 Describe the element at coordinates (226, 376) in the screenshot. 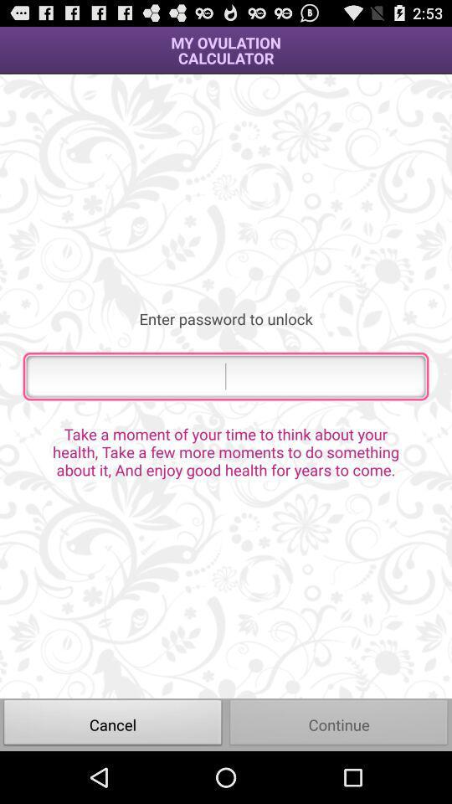

I see `required password to continue` at that location.